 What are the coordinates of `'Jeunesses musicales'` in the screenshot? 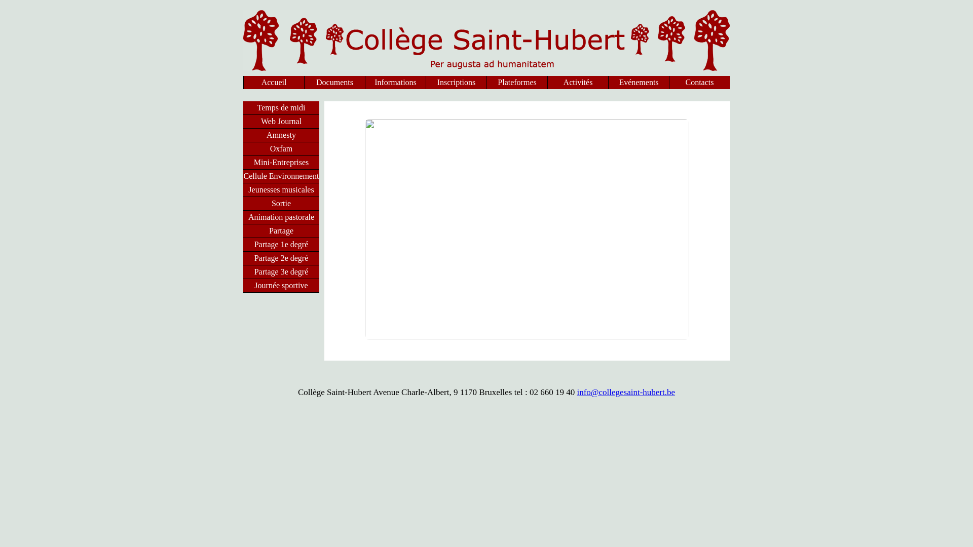 It's located at (281, 189).